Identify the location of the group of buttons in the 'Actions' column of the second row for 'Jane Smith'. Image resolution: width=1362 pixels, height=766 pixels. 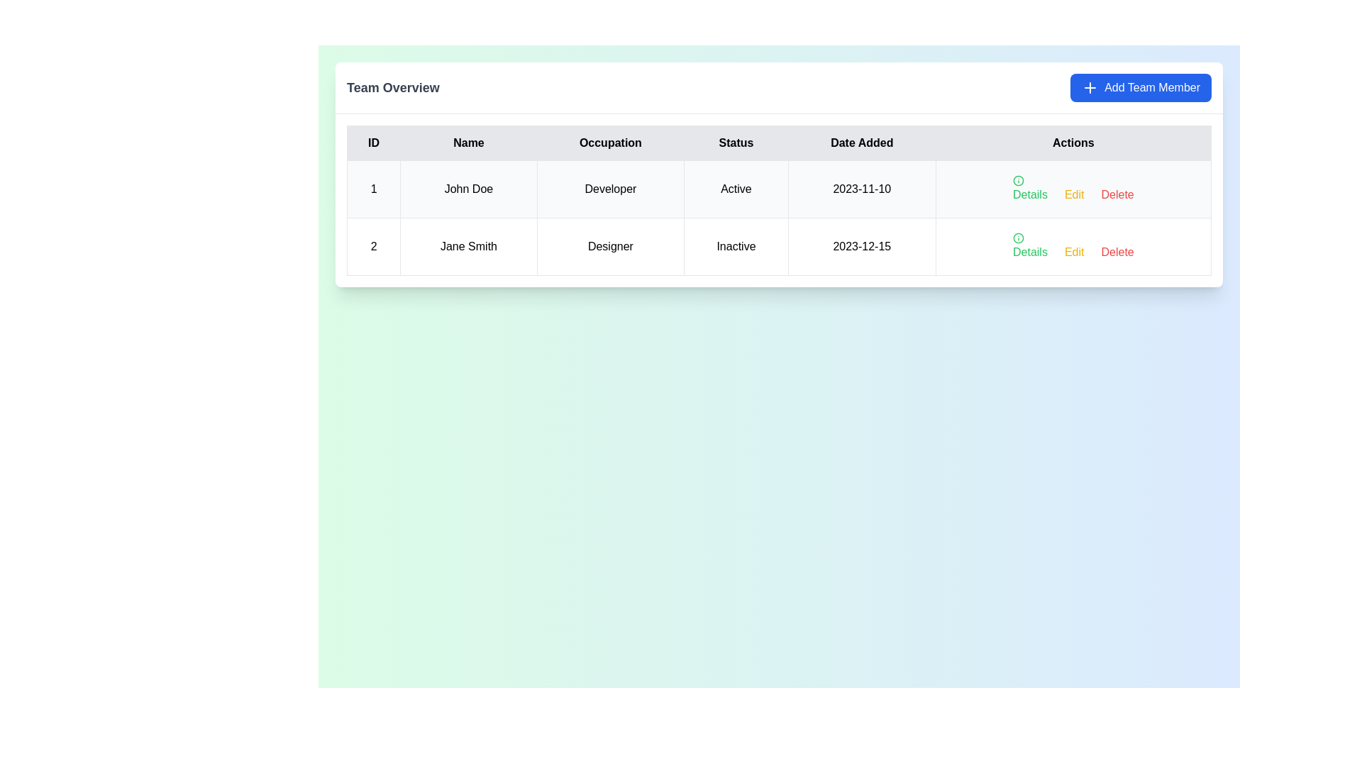
(1073, 245).